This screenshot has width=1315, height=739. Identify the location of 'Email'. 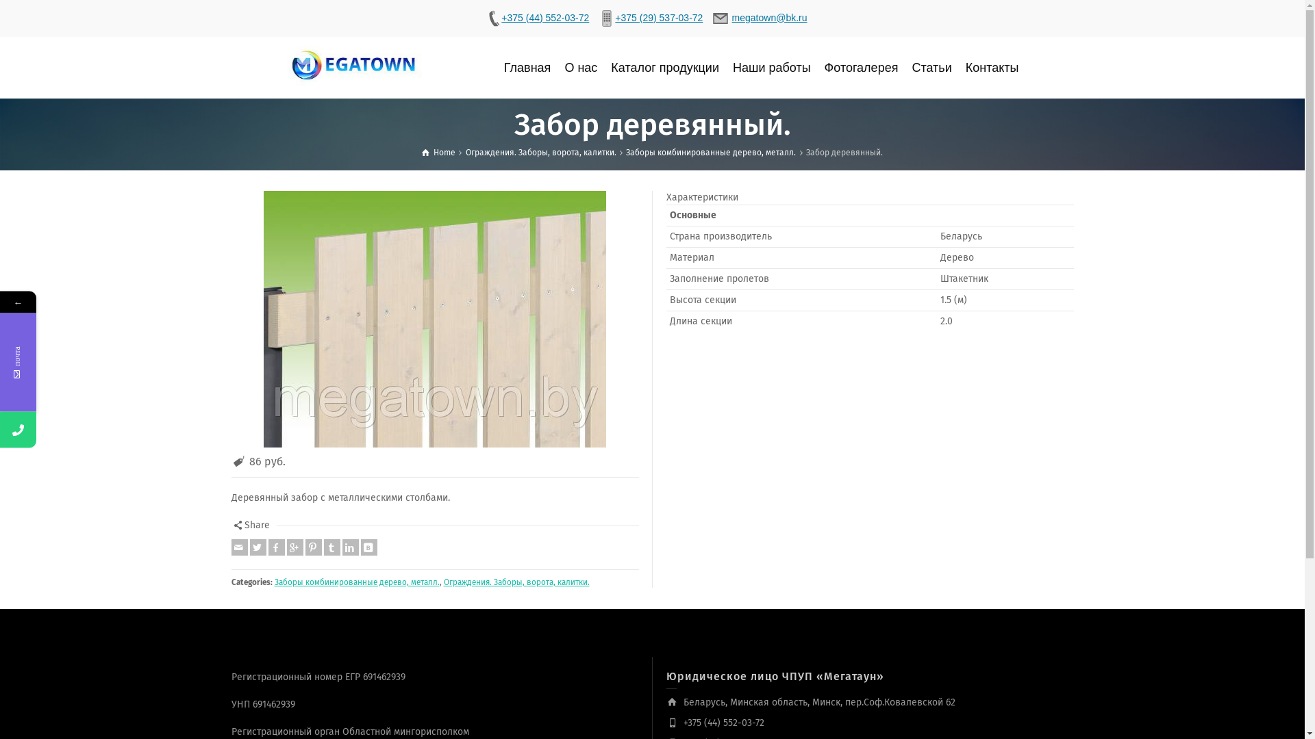
(240, 546).